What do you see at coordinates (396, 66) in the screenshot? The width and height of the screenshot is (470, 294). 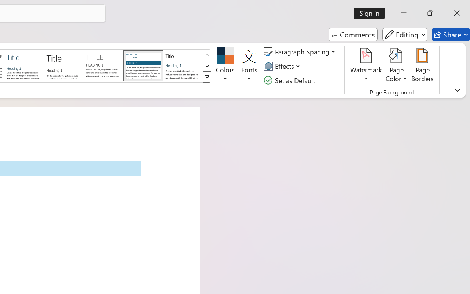 I see `'Page Color'` at bounding box center [396, 66].